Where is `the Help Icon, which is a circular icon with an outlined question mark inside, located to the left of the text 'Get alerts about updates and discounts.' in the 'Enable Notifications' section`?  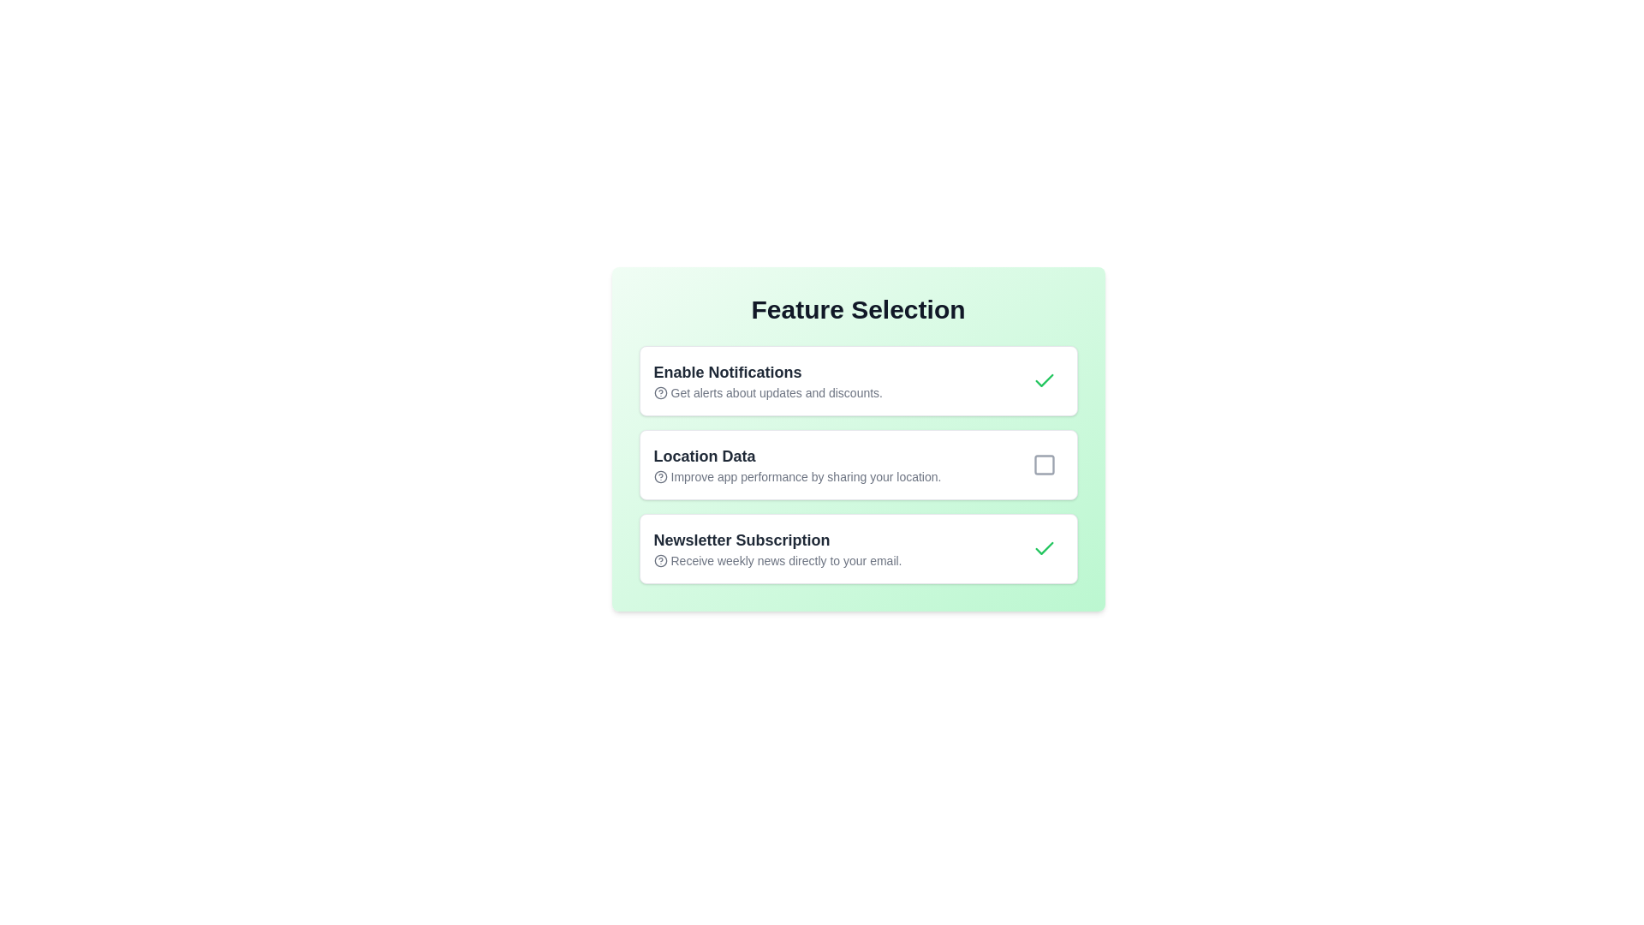
the Help Icon, which is a circular icon with an outlined question mark inside, located to the left of the text 'Get alerts about updates and discounts.' in the 'Enable Notifications' section is located at coordinates (659, 393).